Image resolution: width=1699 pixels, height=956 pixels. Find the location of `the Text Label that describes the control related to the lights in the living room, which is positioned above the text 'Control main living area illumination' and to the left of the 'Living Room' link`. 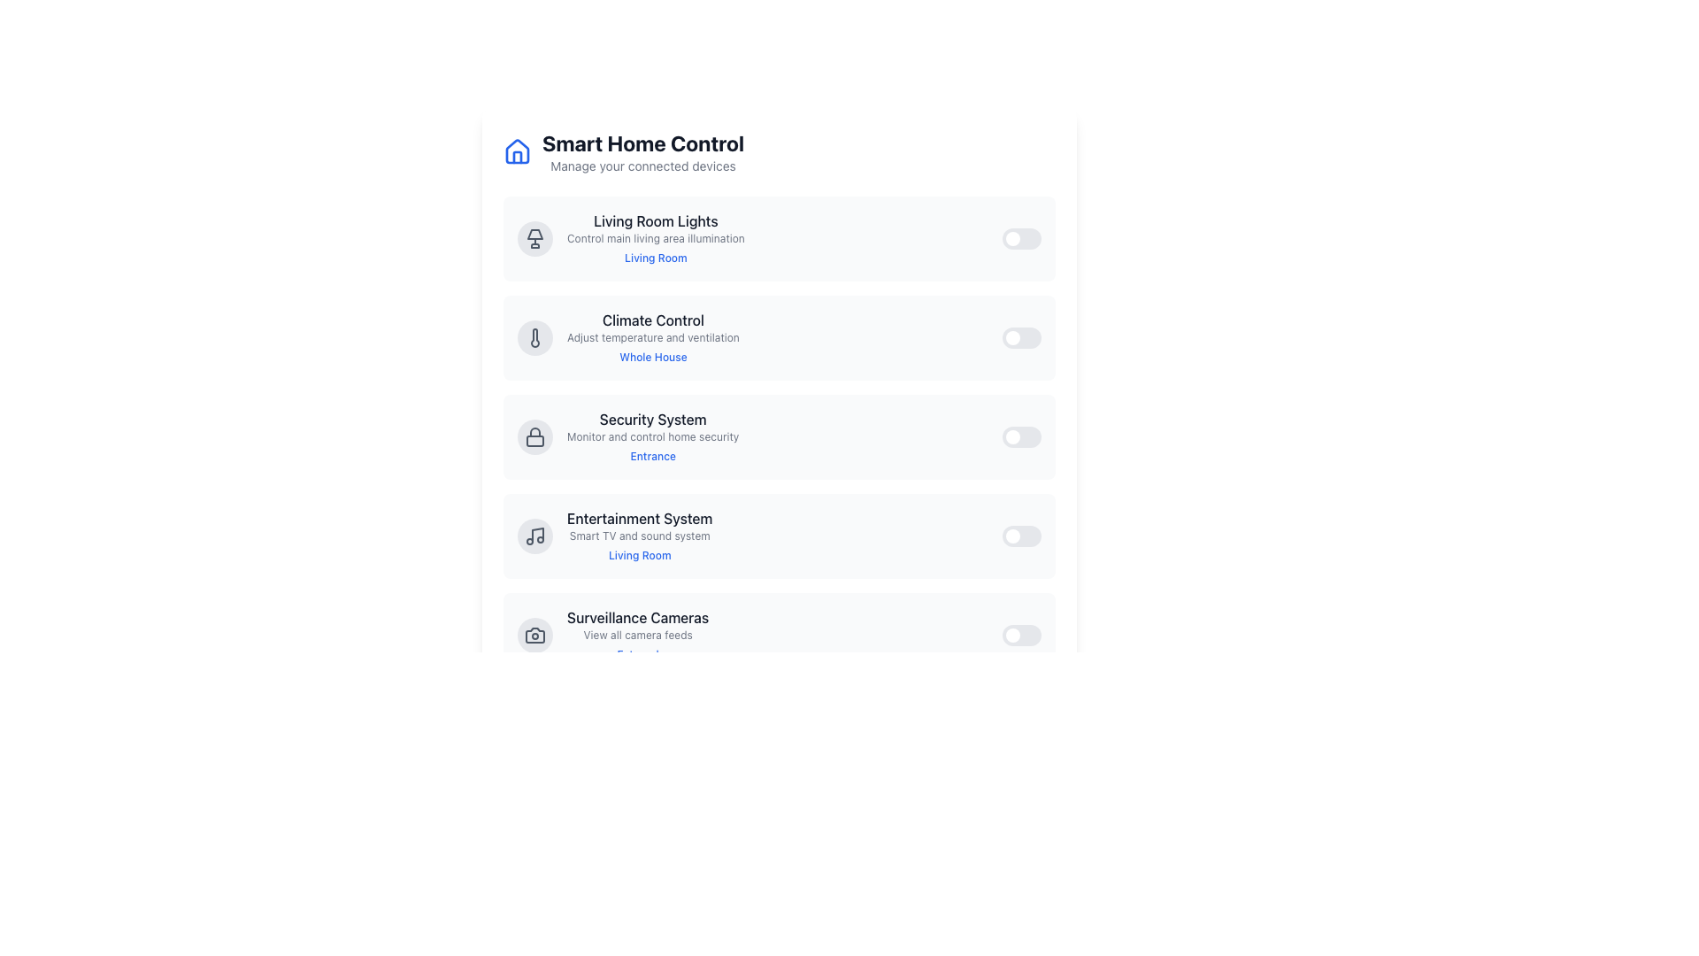

the Text Label that describes the control related to the lights in the living room, which is positioned above the text 'Control main living area illumination' and to the left of the 'Living Room' link is located at coordinates (655, 220).